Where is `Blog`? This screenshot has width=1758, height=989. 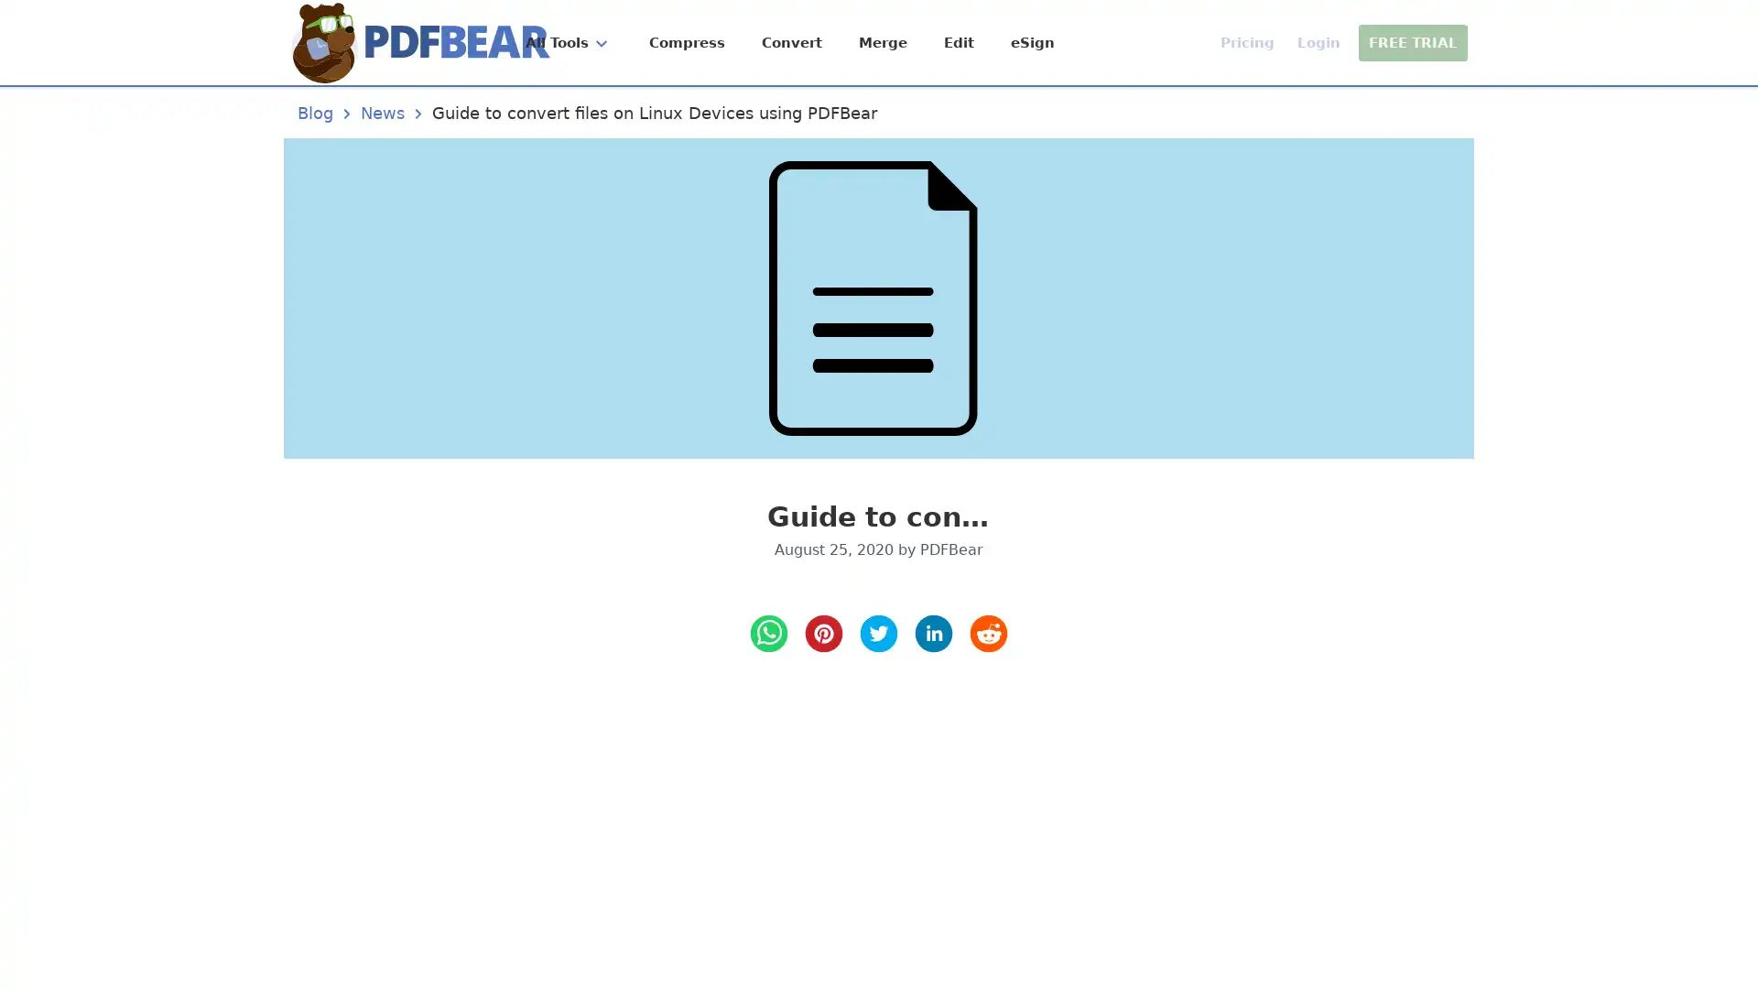 Blog is located at coordinates (315, 113).